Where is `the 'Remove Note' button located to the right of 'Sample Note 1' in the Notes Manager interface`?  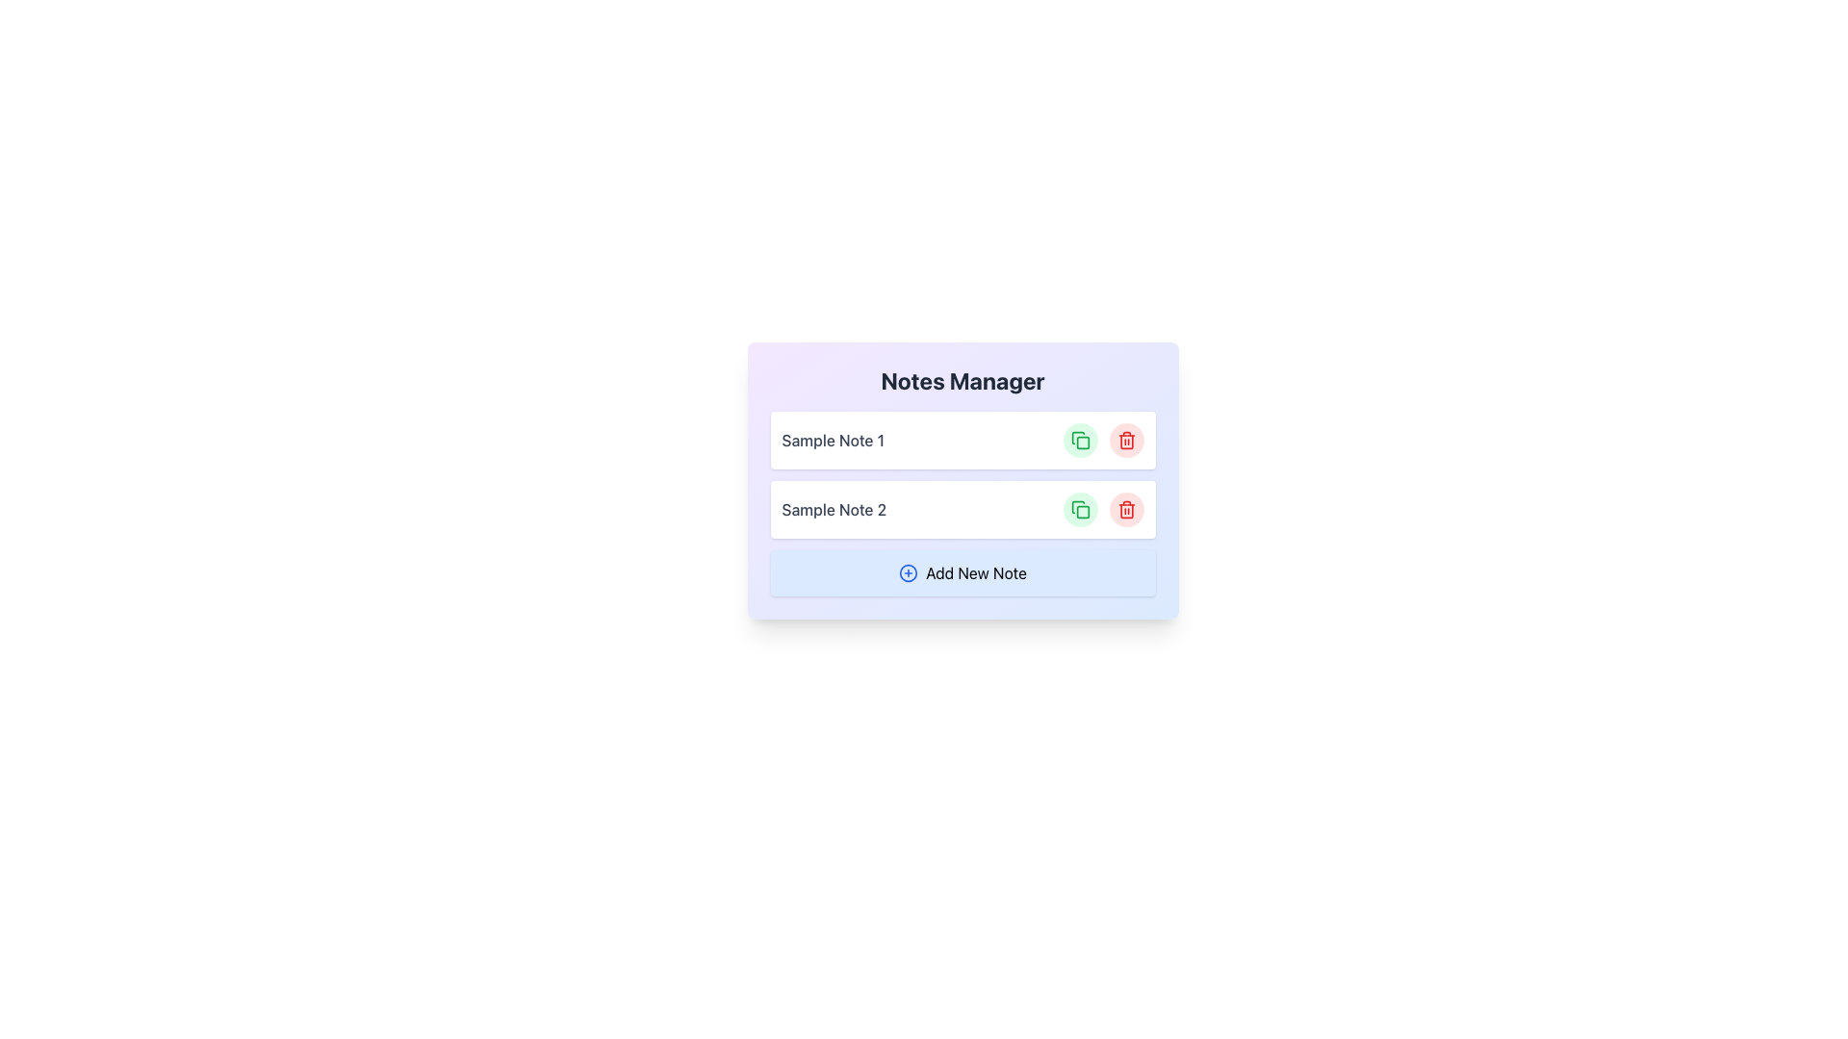
the 'Remove Note' button located to the right of 'Sample Note 1' in the Notes Manager interface is located at coordinates (1126, 441).